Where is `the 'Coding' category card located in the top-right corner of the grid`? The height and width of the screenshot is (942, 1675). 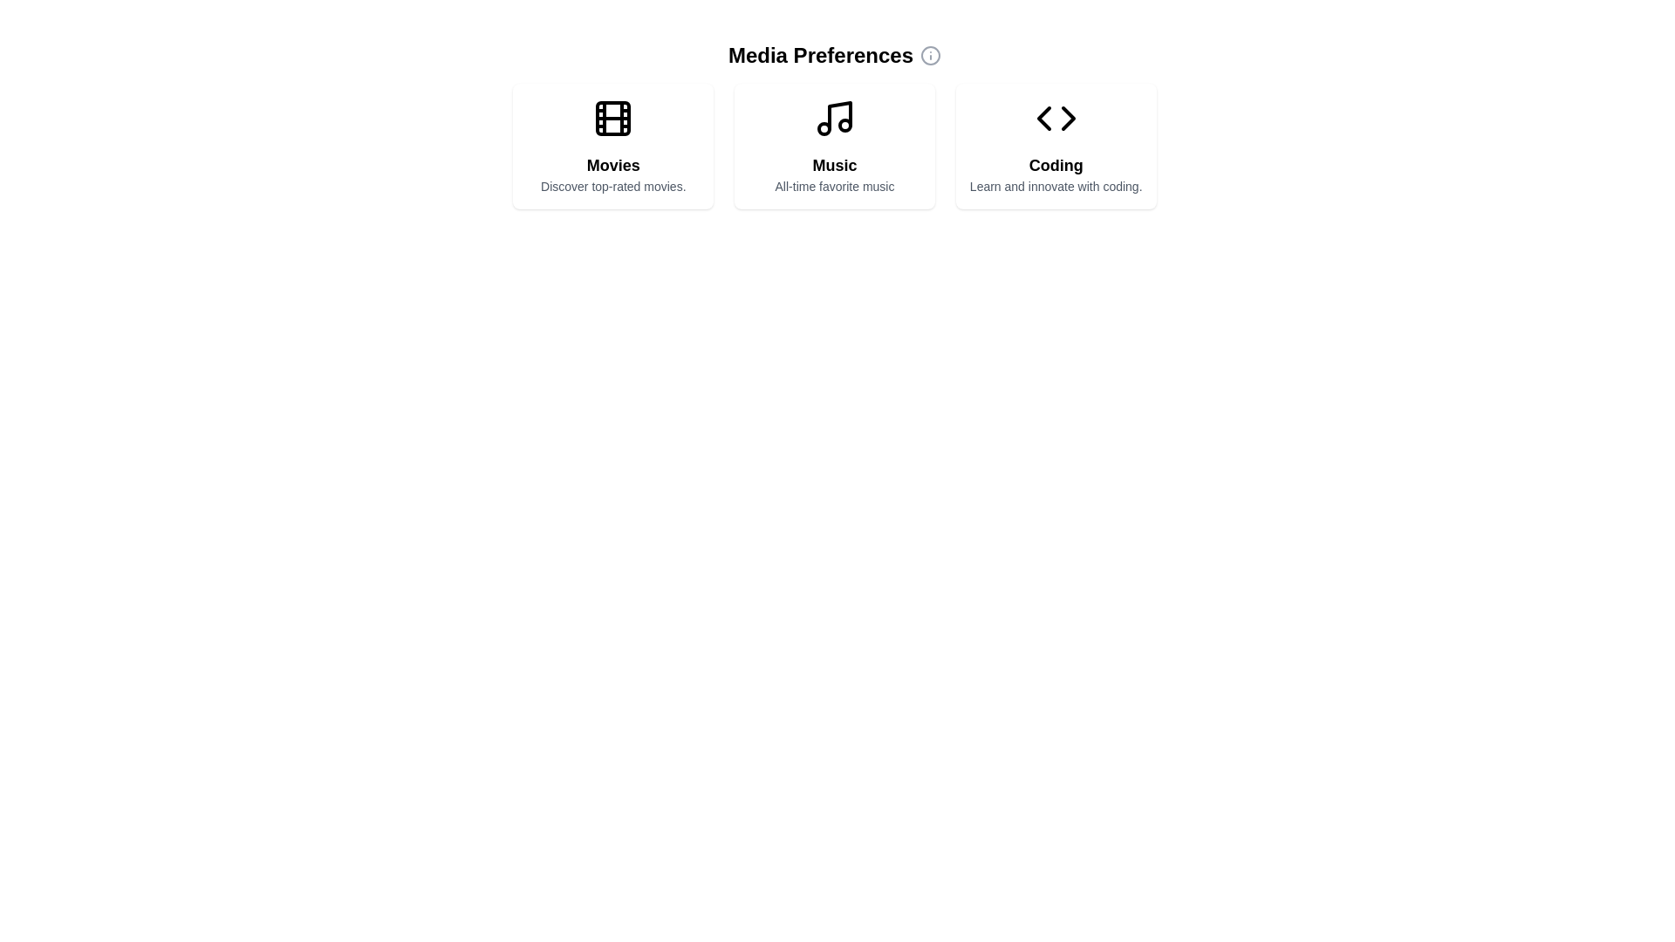
the 'Coding' category card located in the top-right corner of the grid is located at coordinates (1055, 146).